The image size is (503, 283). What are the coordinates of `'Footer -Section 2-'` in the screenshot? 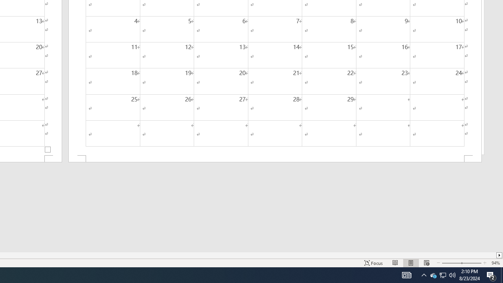 It's located at (275, 159).